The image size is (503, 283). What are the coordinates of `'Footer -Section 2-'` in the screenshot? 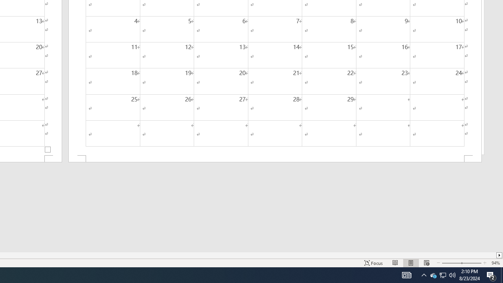 It's located at (275, 159).